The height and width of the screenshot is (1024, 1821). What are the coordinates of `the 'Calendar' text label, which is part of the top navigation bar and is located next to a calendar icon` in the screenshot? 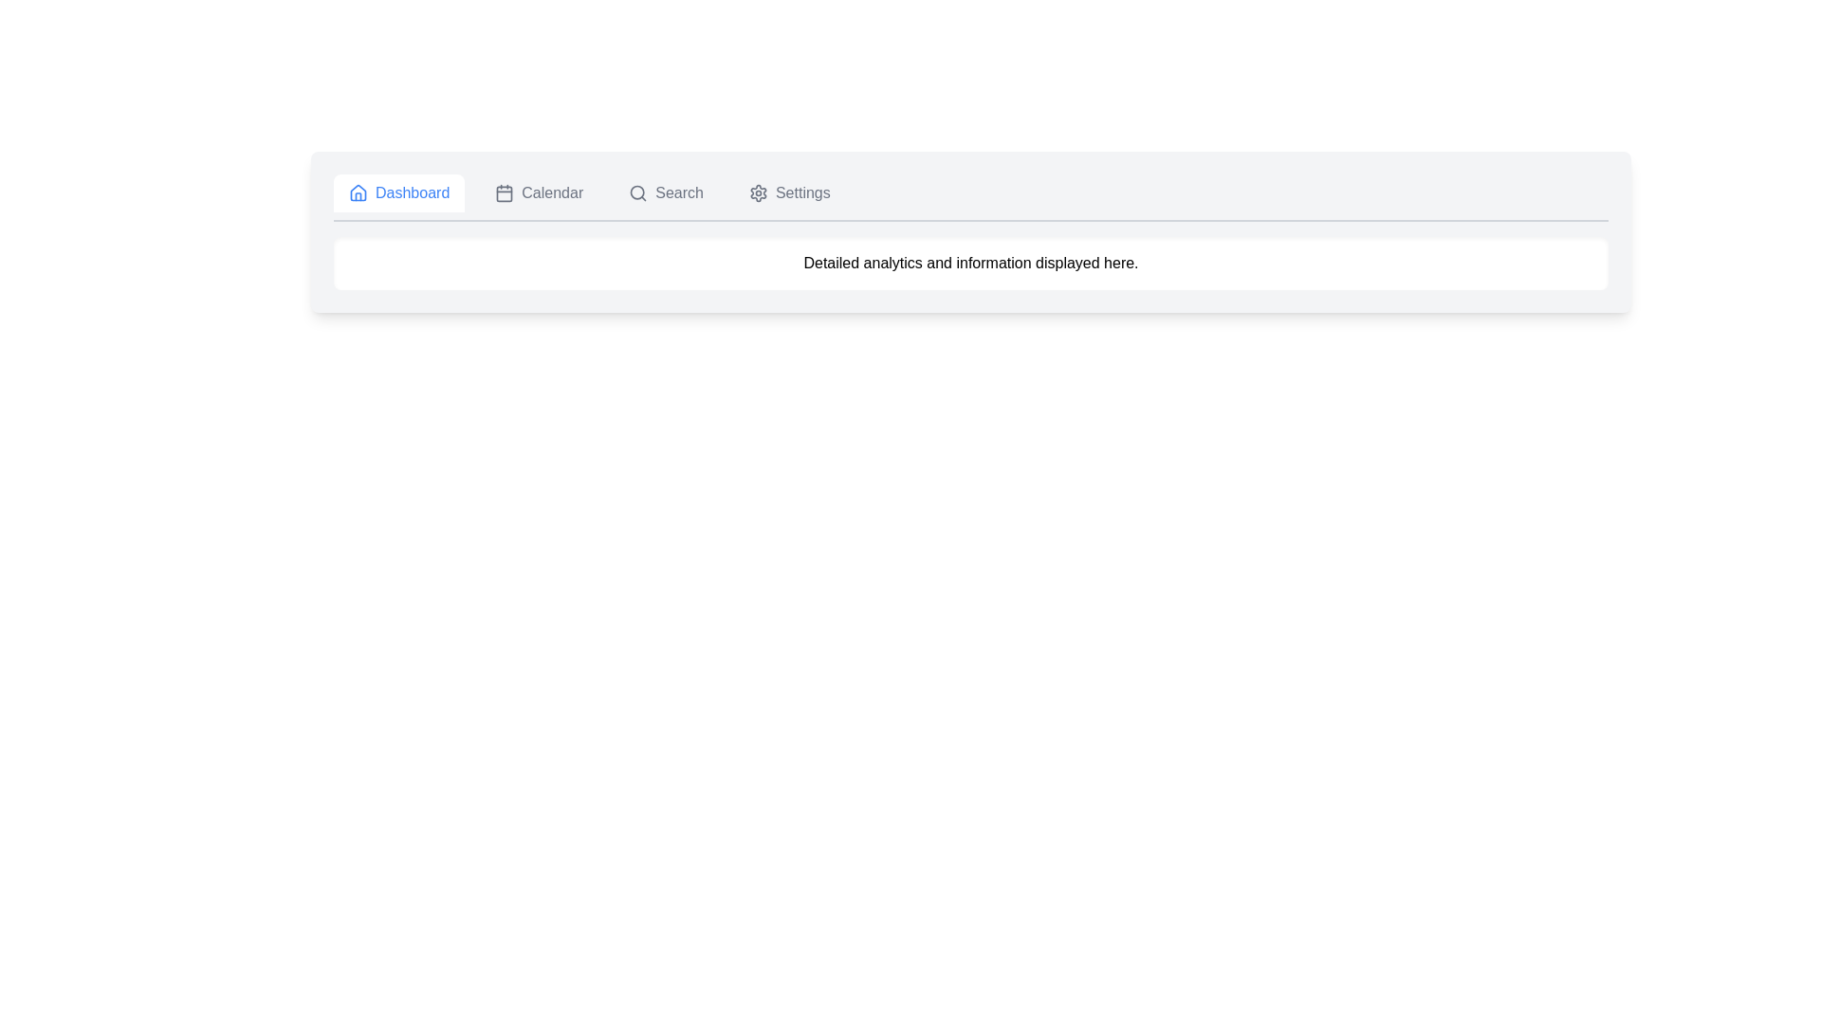 It's located at (551, 193).